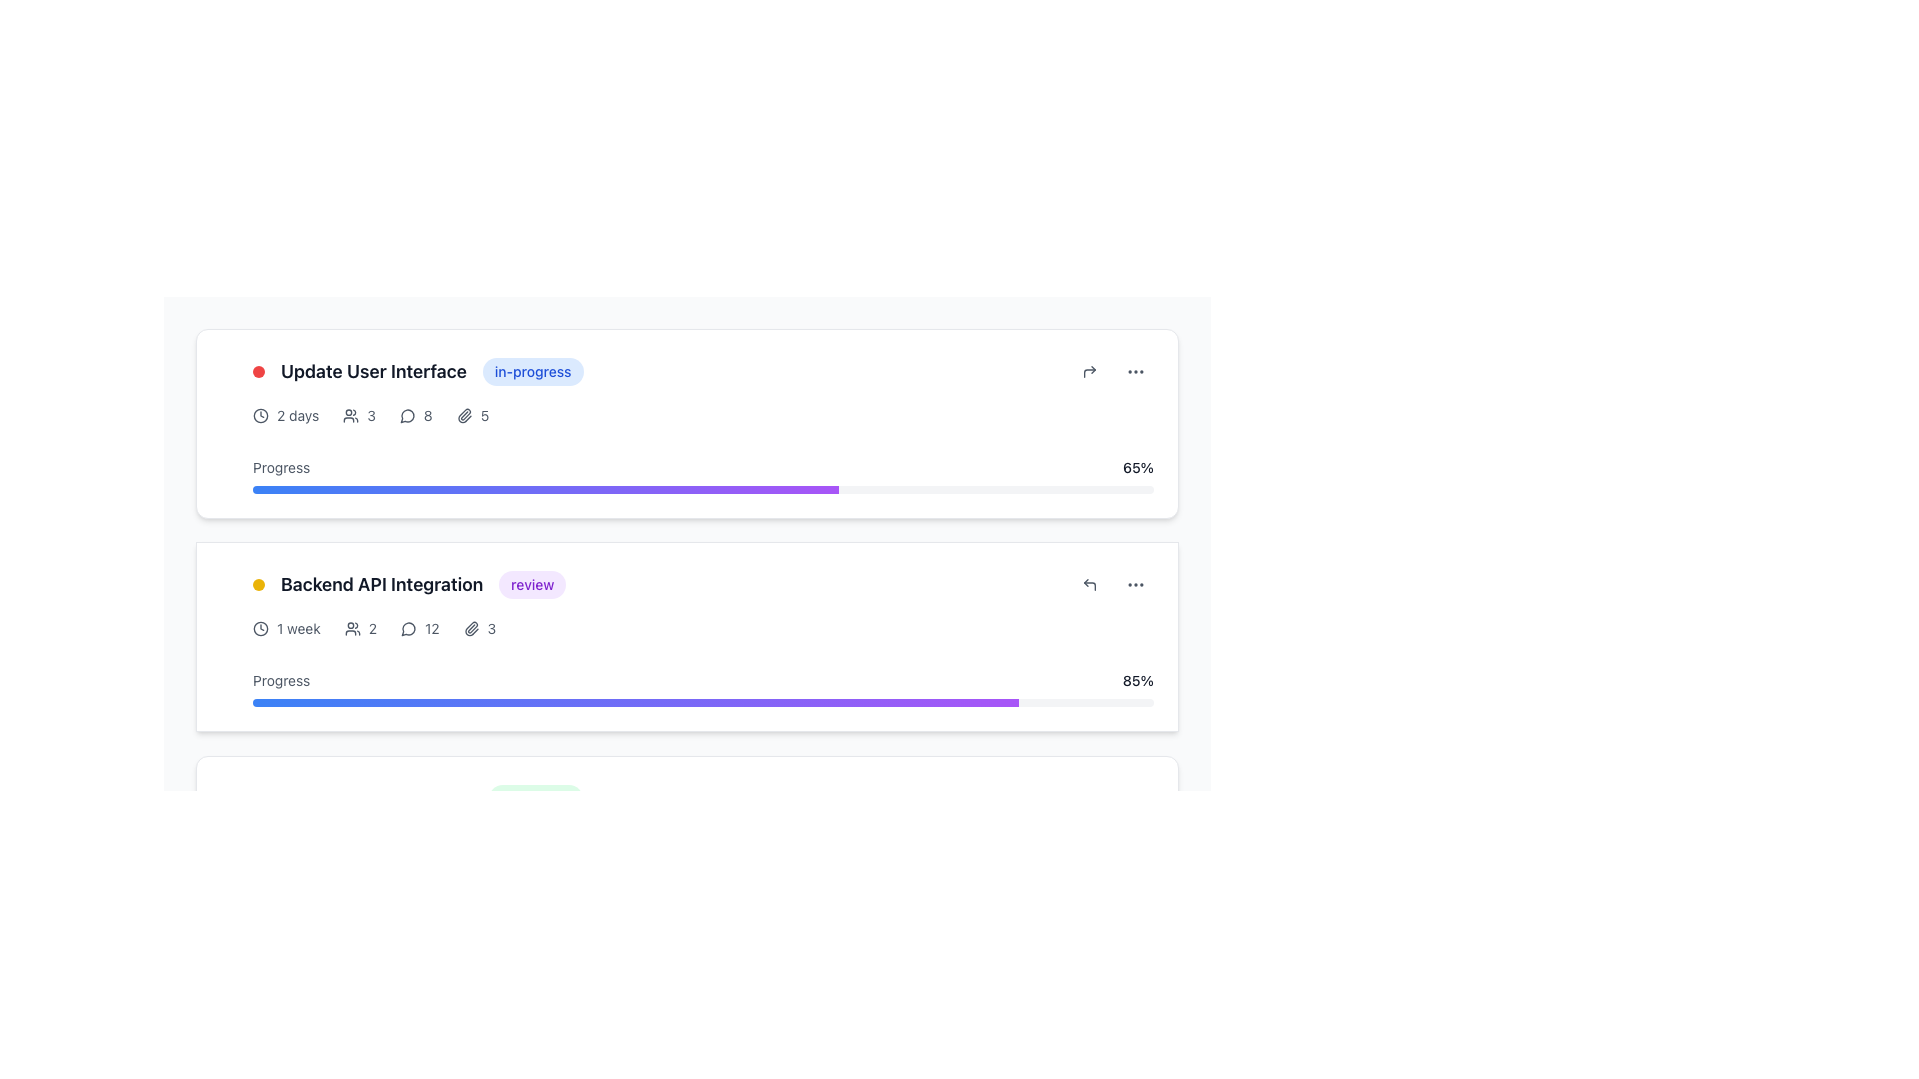 The width and height of the screenshot is (1919, 1079). What do you see at coordinates (480, 627) in the screenshot?
I see `the paperclip icon, which indicates the count of attachments for the 'Backend API Integration' task, located in the details row below the card title` at bounding box center [480, 627].